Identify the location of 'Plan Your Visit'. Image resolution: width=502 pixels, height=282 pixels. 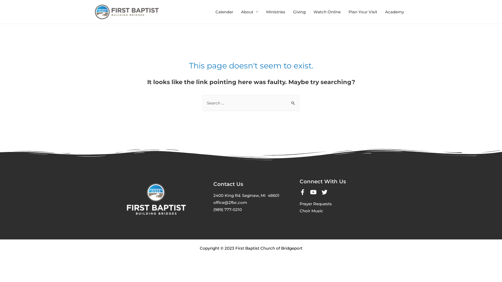
(345, 12).